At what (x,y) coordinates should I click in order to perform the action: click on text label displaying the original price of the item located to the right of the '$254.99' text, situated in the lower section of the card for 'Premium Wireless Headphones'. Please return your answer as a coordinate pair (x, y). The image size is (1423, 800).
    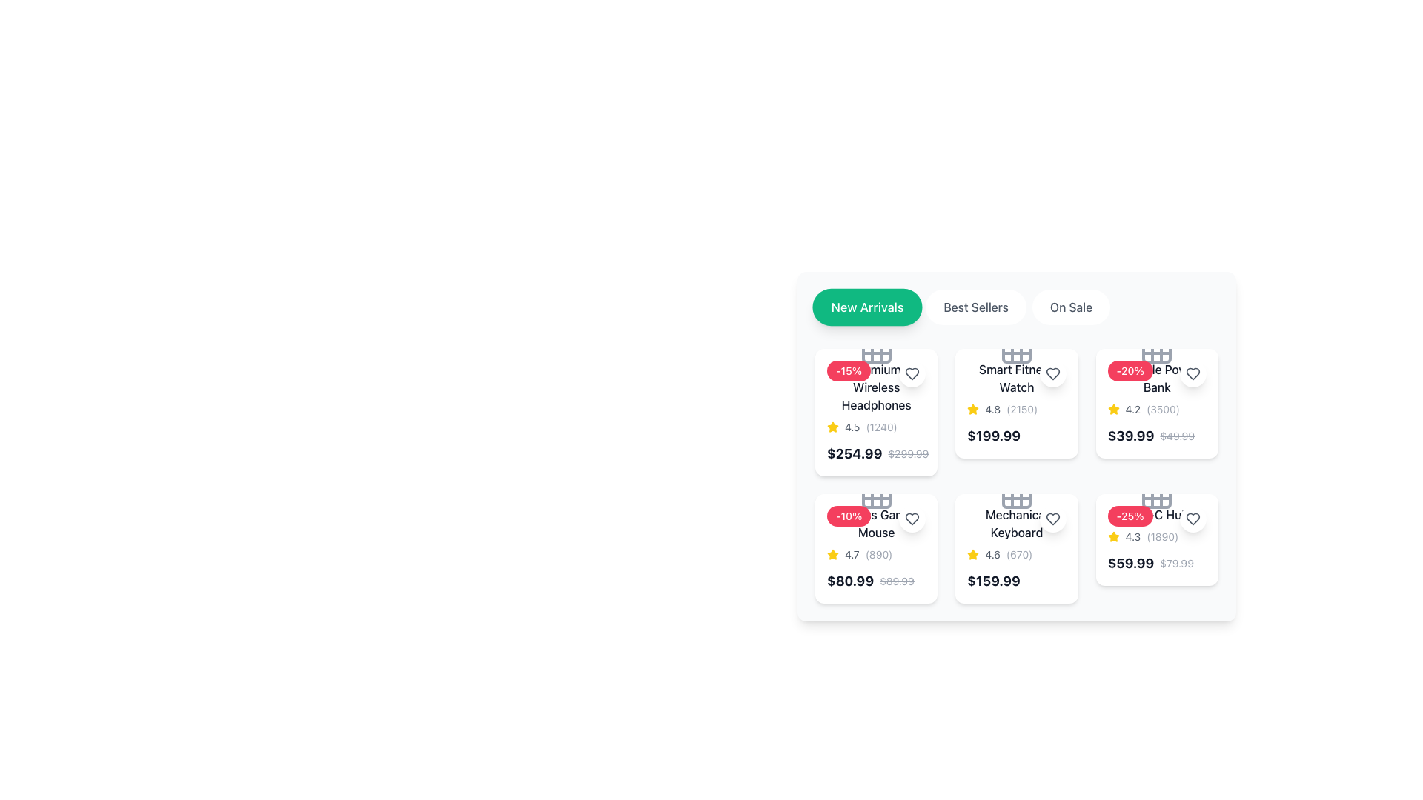
    Looking at the image, I should click on (907, 453).